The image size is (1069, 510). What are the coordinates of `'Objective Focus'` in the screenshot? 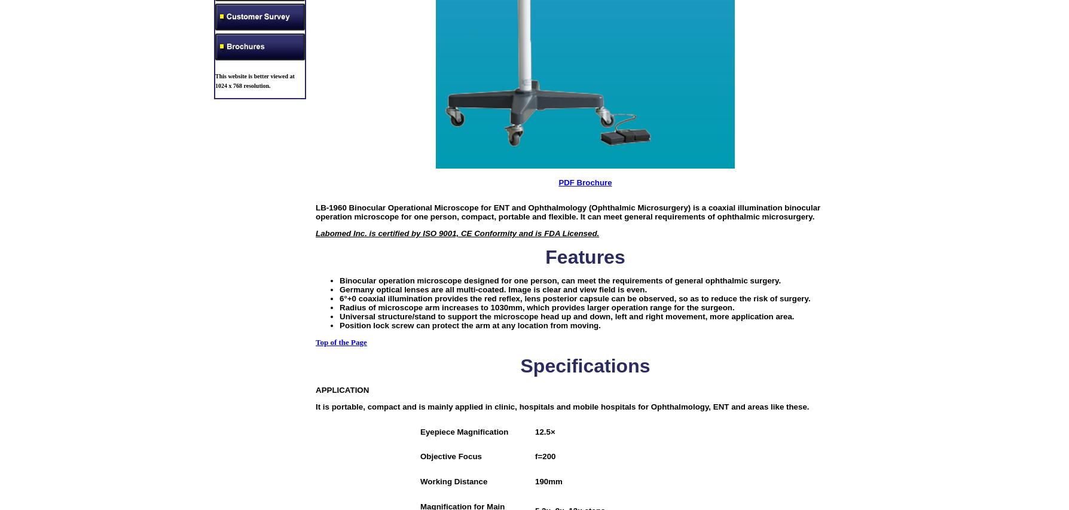 It's located at (450, 456).